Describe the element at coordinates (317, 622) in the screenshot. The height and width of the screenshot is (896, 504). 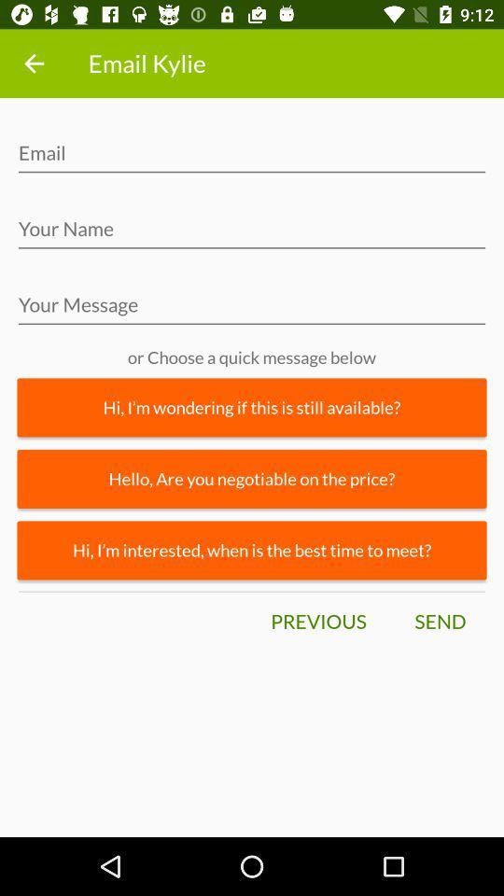
I see `previous item` at that location.